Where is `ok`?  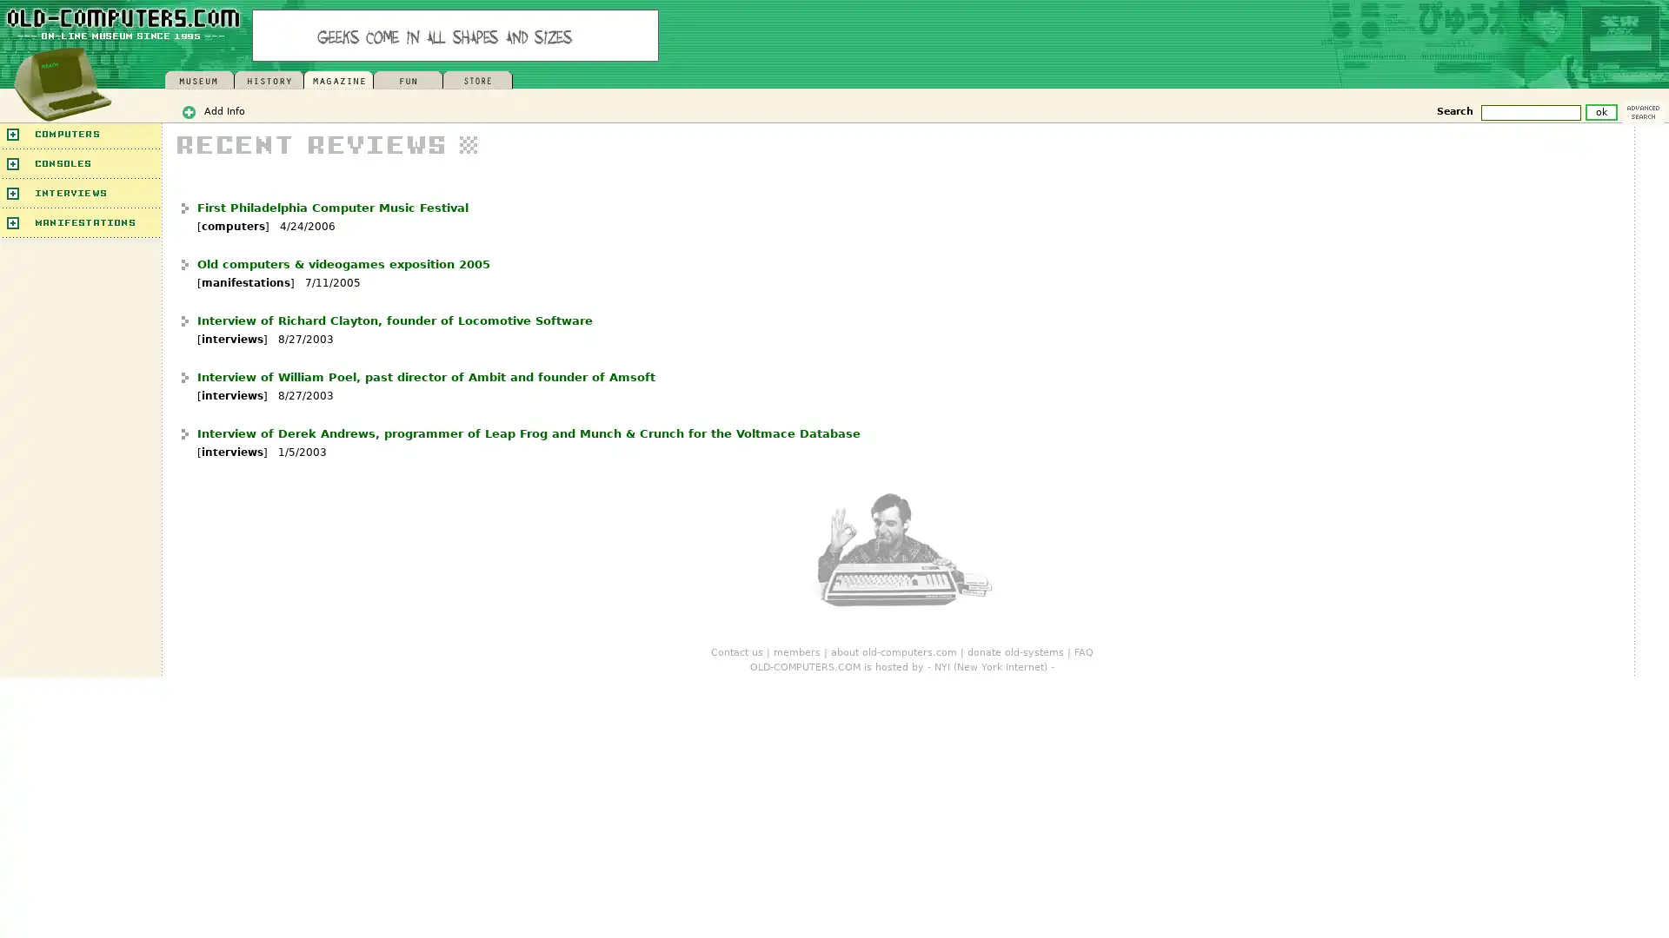
ok is located at coordinates (1600, 111).